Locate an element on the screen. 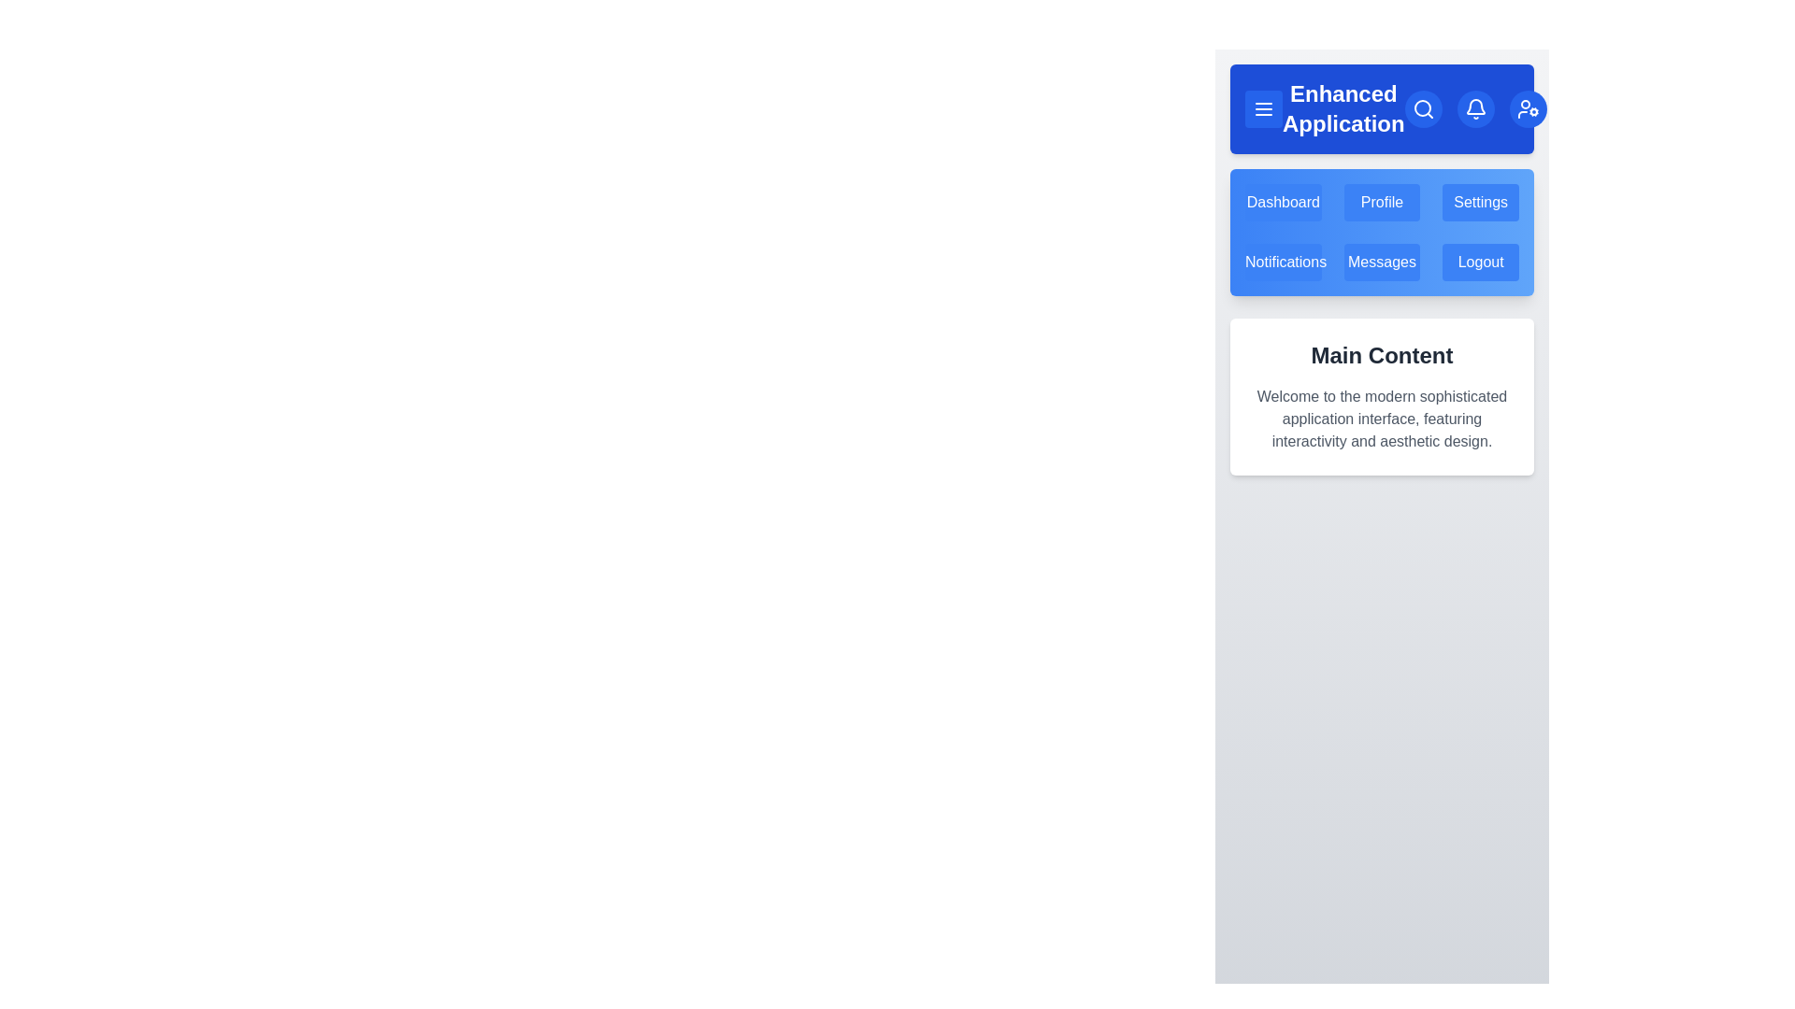 The width and height of the screenshot is (1795, 1009). the search button is located at coordinates (1422, 108).